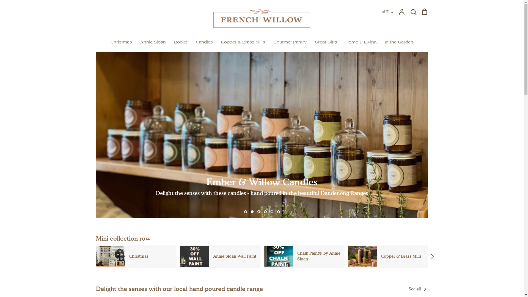 The image size is (528, 297). Describe the element at coordinates (204, 42) in the screenshot. I see `'Candles'` at that location.